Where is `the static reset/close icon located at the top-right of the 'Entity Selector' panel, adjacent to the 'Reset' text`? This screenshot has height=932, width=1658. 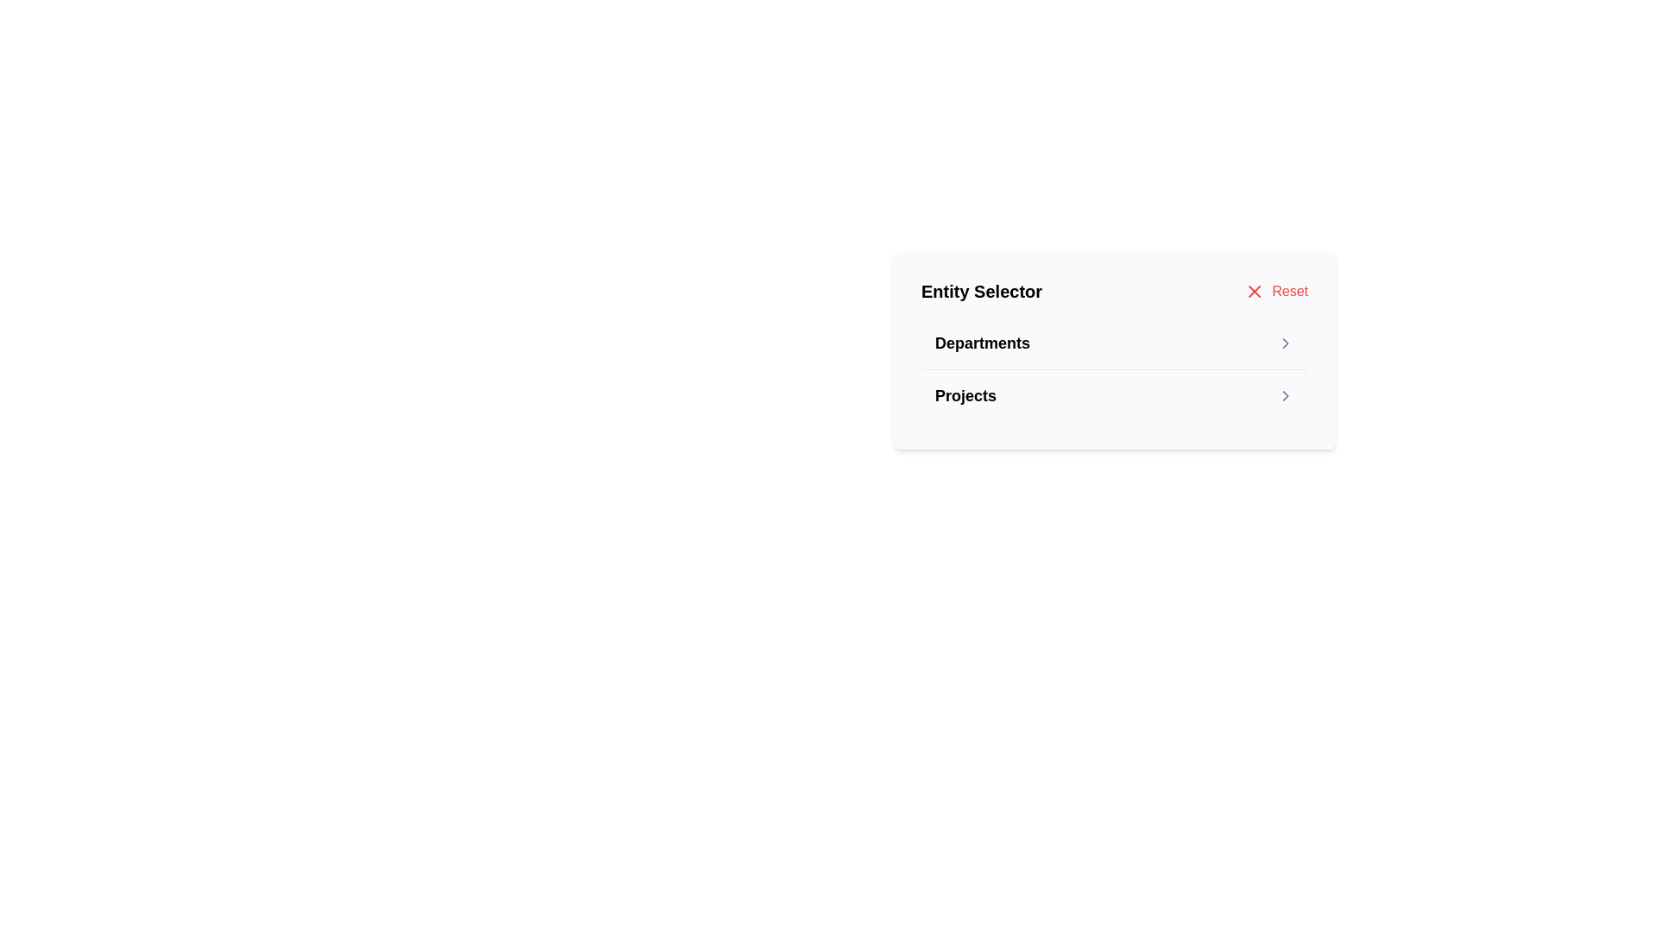
the static reset/close icon located at the top-right of the 'Entity Selector' panel, adjacent to the 'Reset' text is located at coordinates (1255, 291).